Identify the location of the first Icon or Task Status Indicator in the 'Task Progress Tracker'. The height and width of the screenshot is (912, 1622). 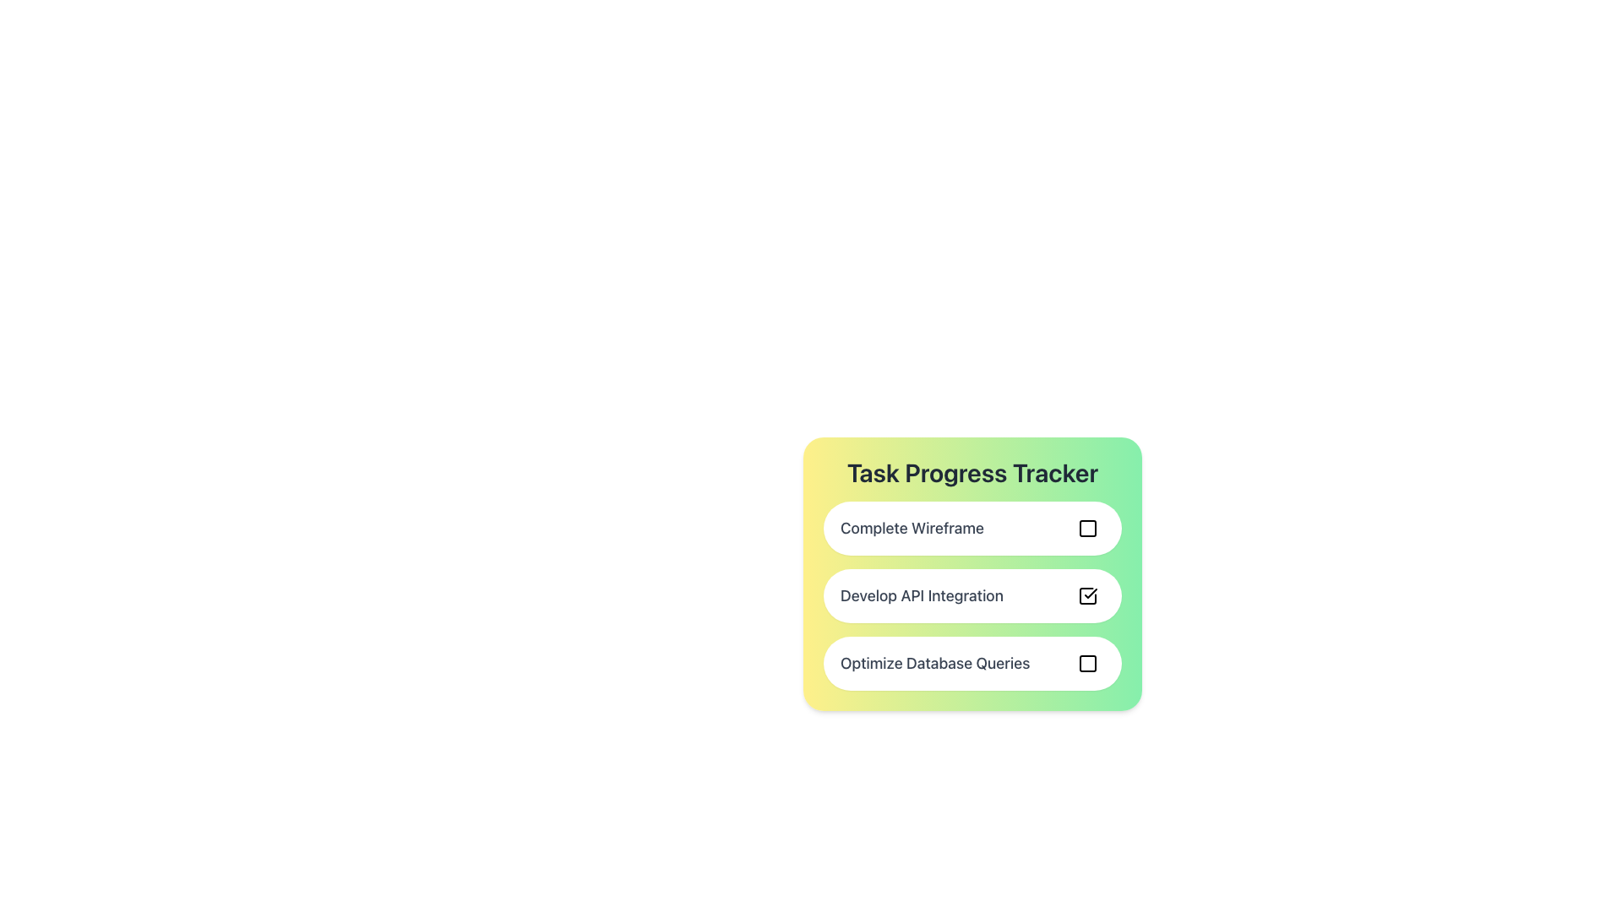
(1087, 527).